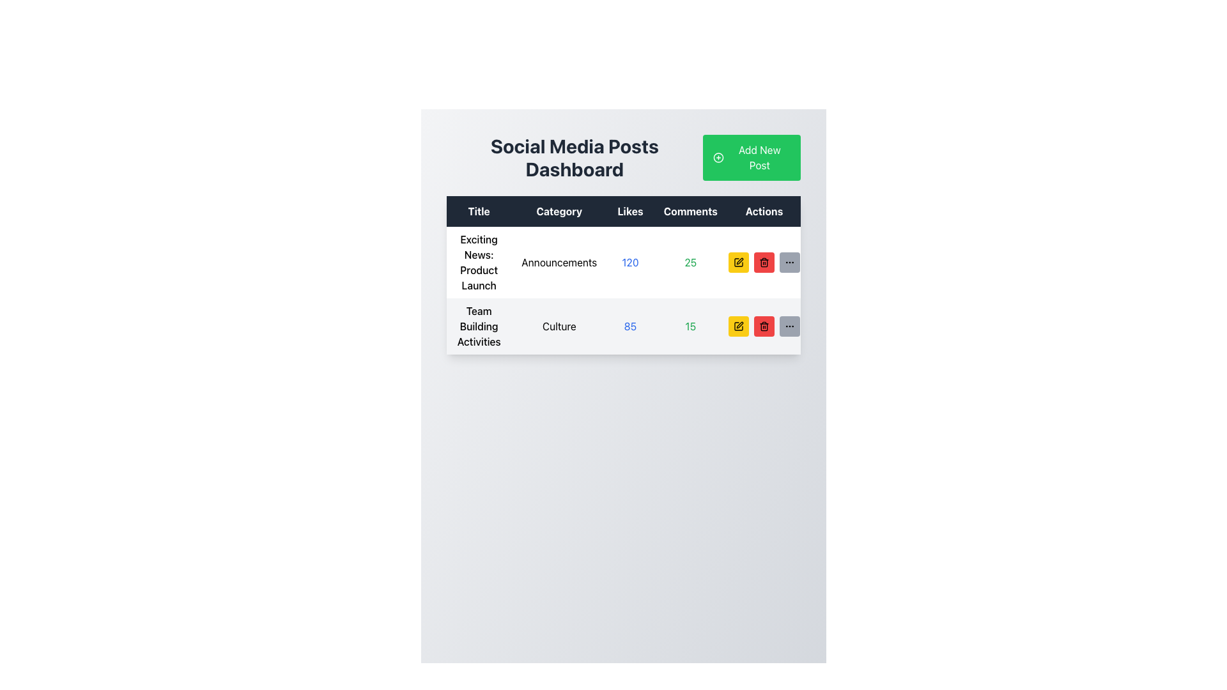 The image size is (1227, 690). Describe the element at coordinates (690, 262) in the screenshot. I see `the comment count display for the post titled 'Exciting News: Product Launch', located in the 'Comments' column of the first row in the 'Social Media Posts Dashboard'` at that location.